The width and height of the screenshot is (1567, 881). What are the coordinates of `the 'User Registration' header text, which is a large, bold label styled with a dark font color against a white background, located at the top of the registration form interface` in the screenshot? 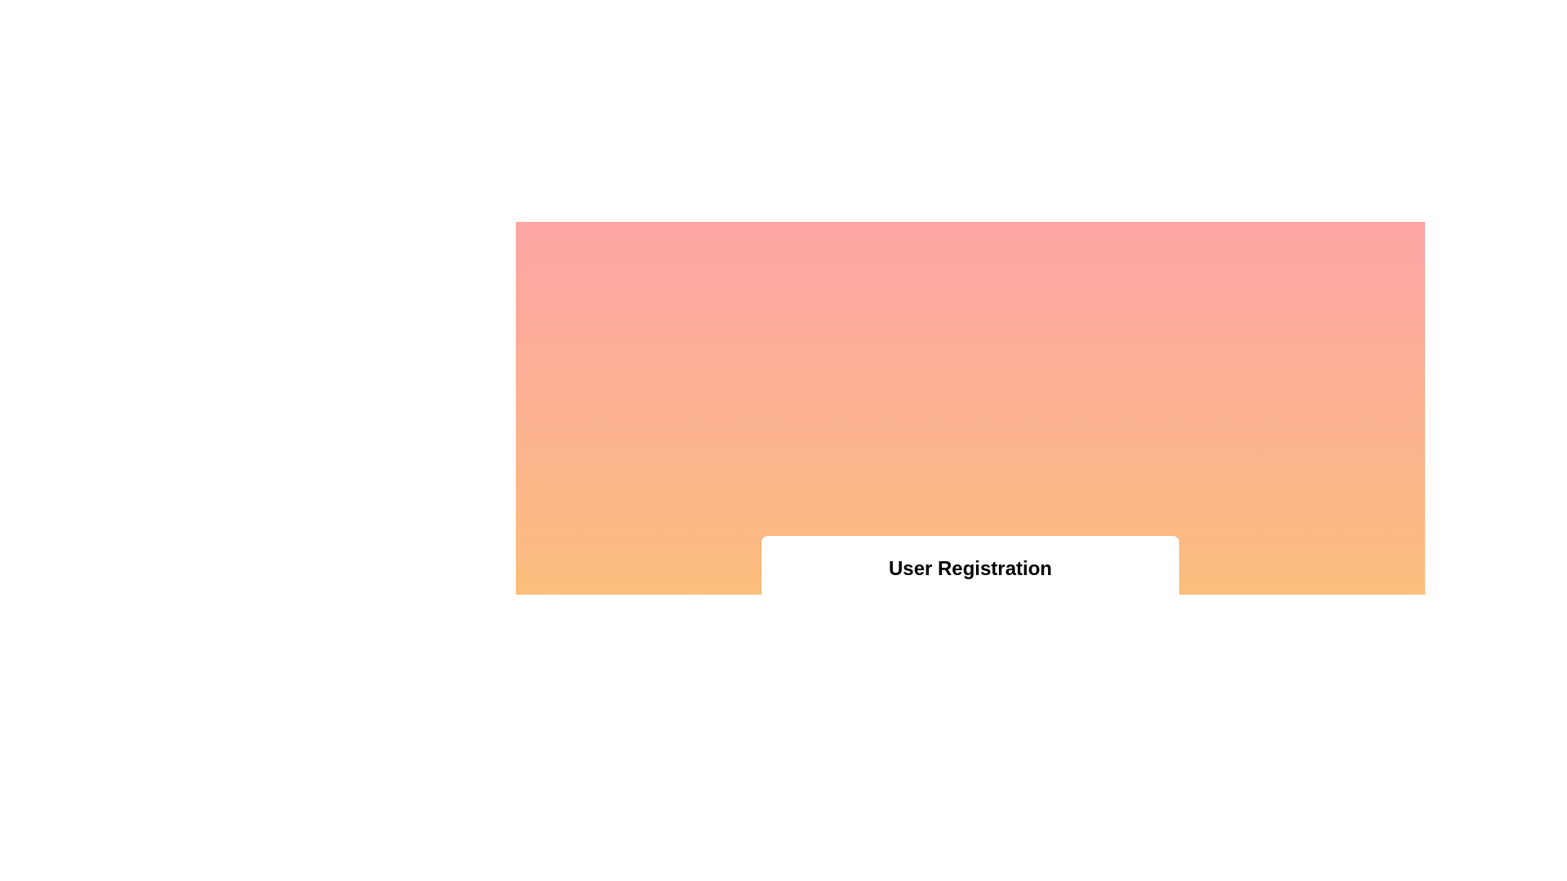 It's located at (970, 568).